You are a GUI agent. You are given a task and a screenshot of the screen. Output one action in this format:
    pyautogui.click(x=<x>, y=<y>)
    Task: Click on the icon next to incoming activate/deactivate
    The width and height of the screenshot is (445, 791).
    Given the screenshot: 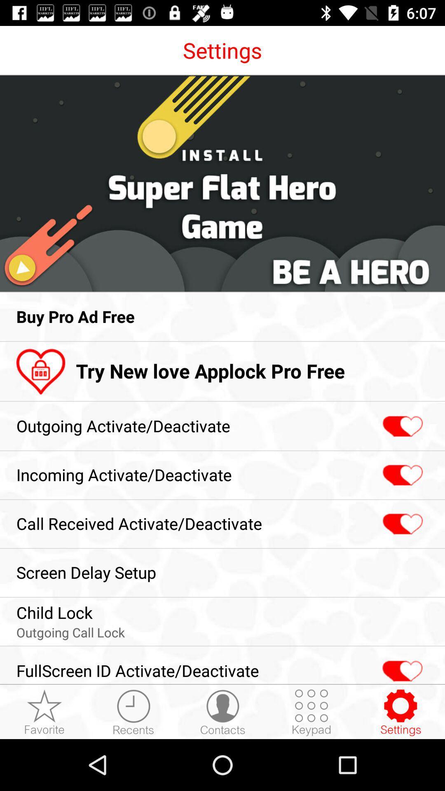 What is the action you would take?
    pyautogui.click(x=401, y=475)
    